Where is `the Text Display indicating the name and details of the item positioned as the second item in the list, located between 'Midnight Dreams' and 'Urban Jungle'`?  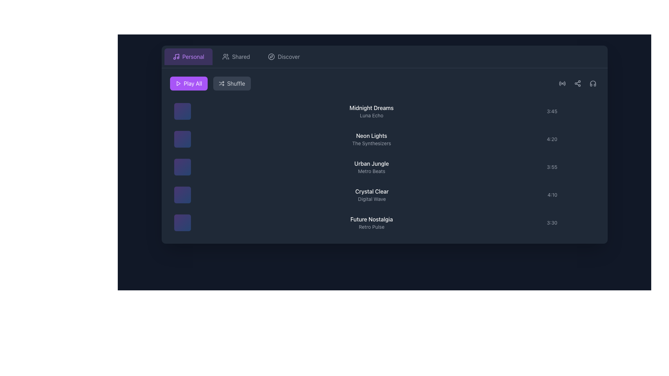 the Text Display indicating the name and details of the item positioned as the second item in the list, located between 'Midnight Dreams' and 'Urban Jungle' is located at coordinates (371, 139).